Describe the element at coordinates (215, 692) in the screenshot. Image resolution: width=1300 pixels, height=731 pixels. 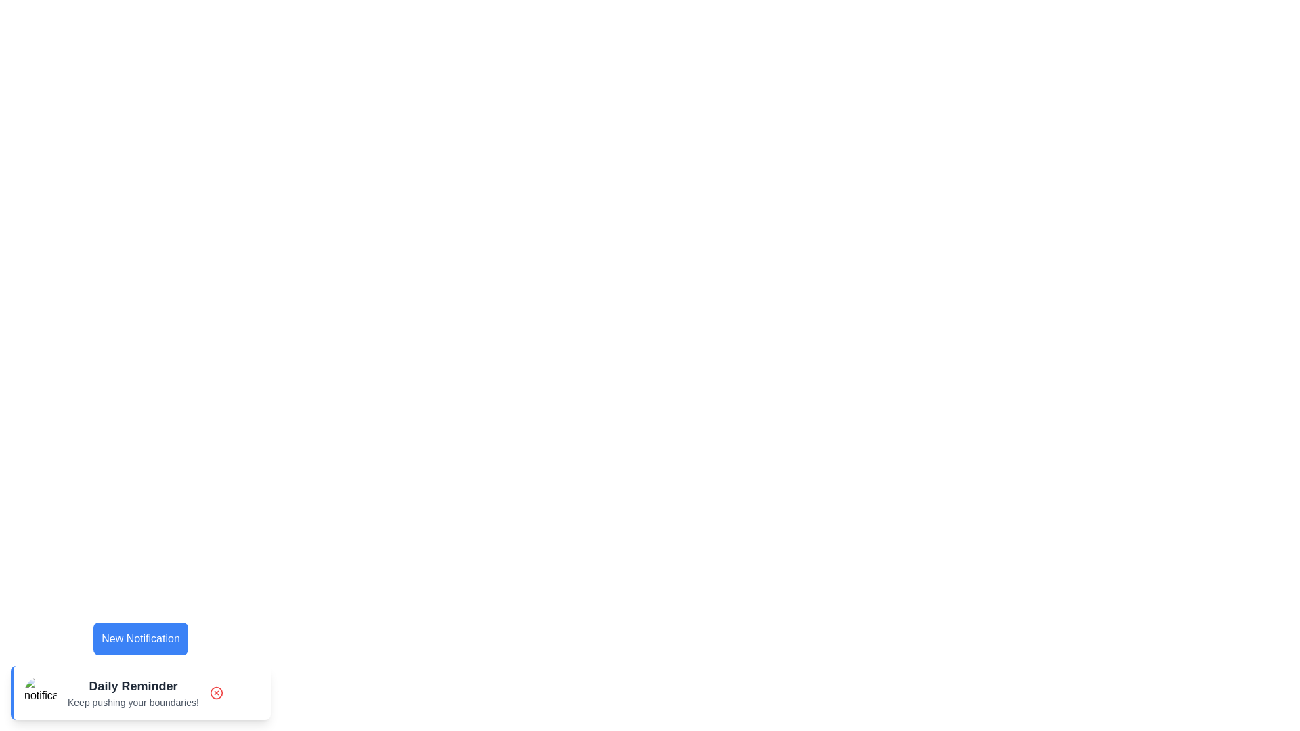
I see `the Dismiss Notification Button to observe hover effects` at that location.